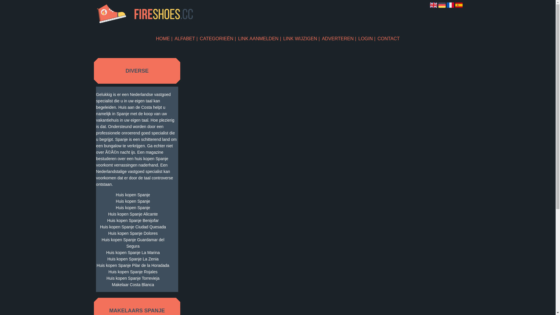  I want to click on 'Makelaar Costa Blanca', so click(132, 284).